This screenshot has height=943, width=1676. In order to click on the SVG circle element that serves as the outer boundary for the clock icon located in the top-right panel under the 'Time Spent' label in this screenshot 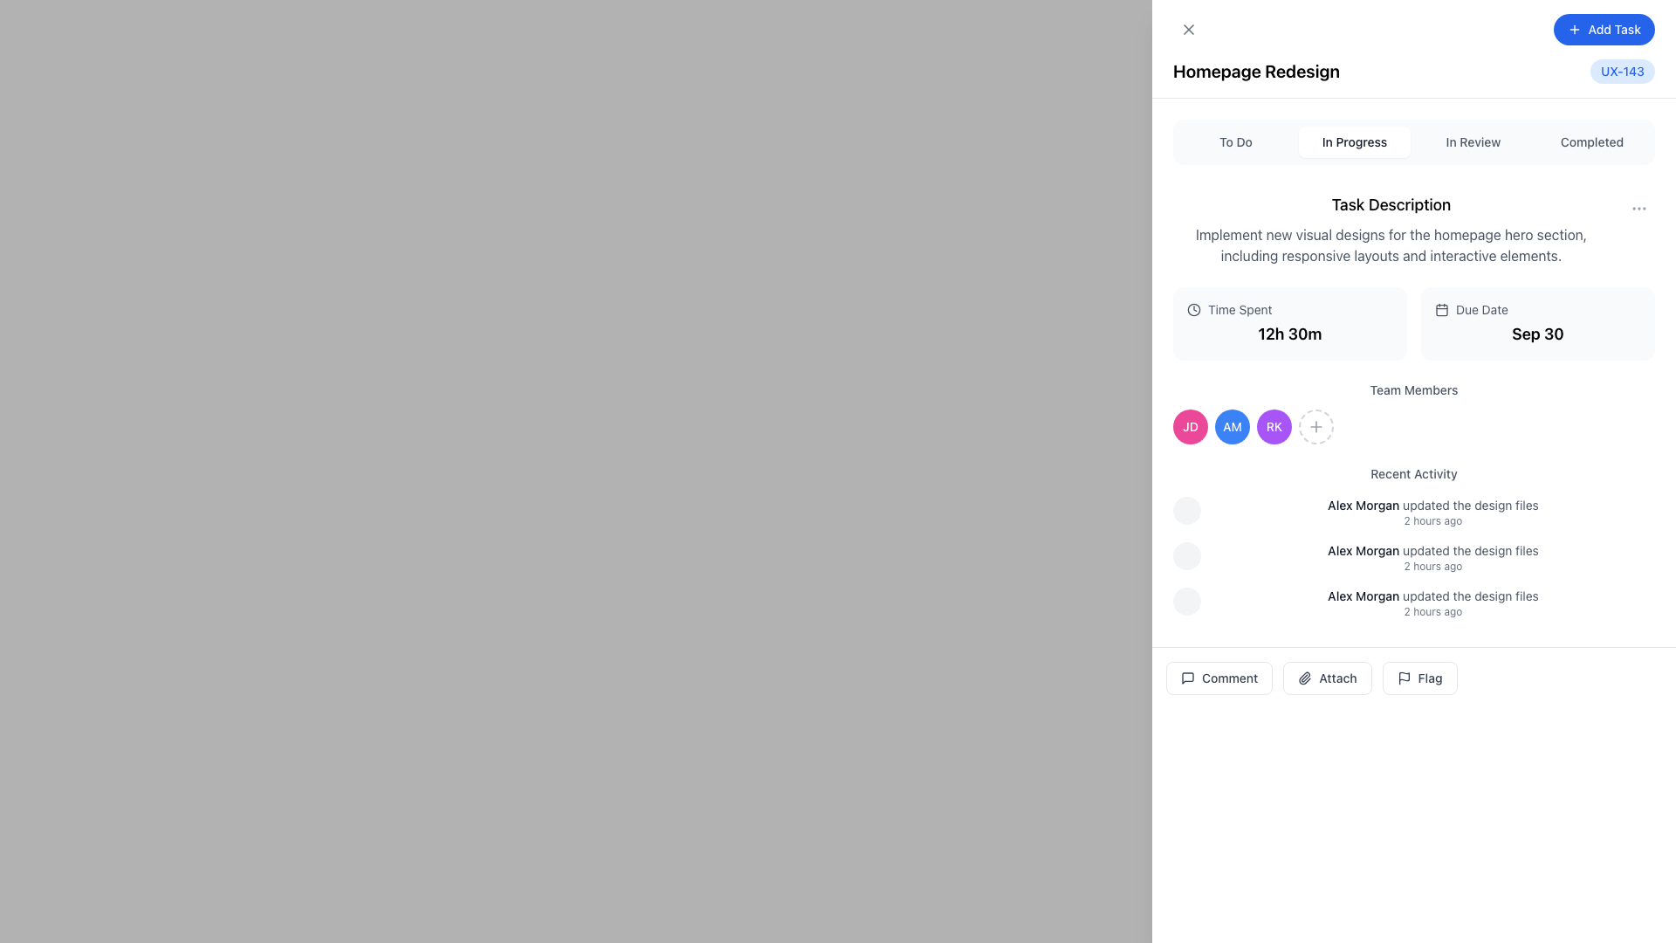, I will do `click(1193, 308)`.